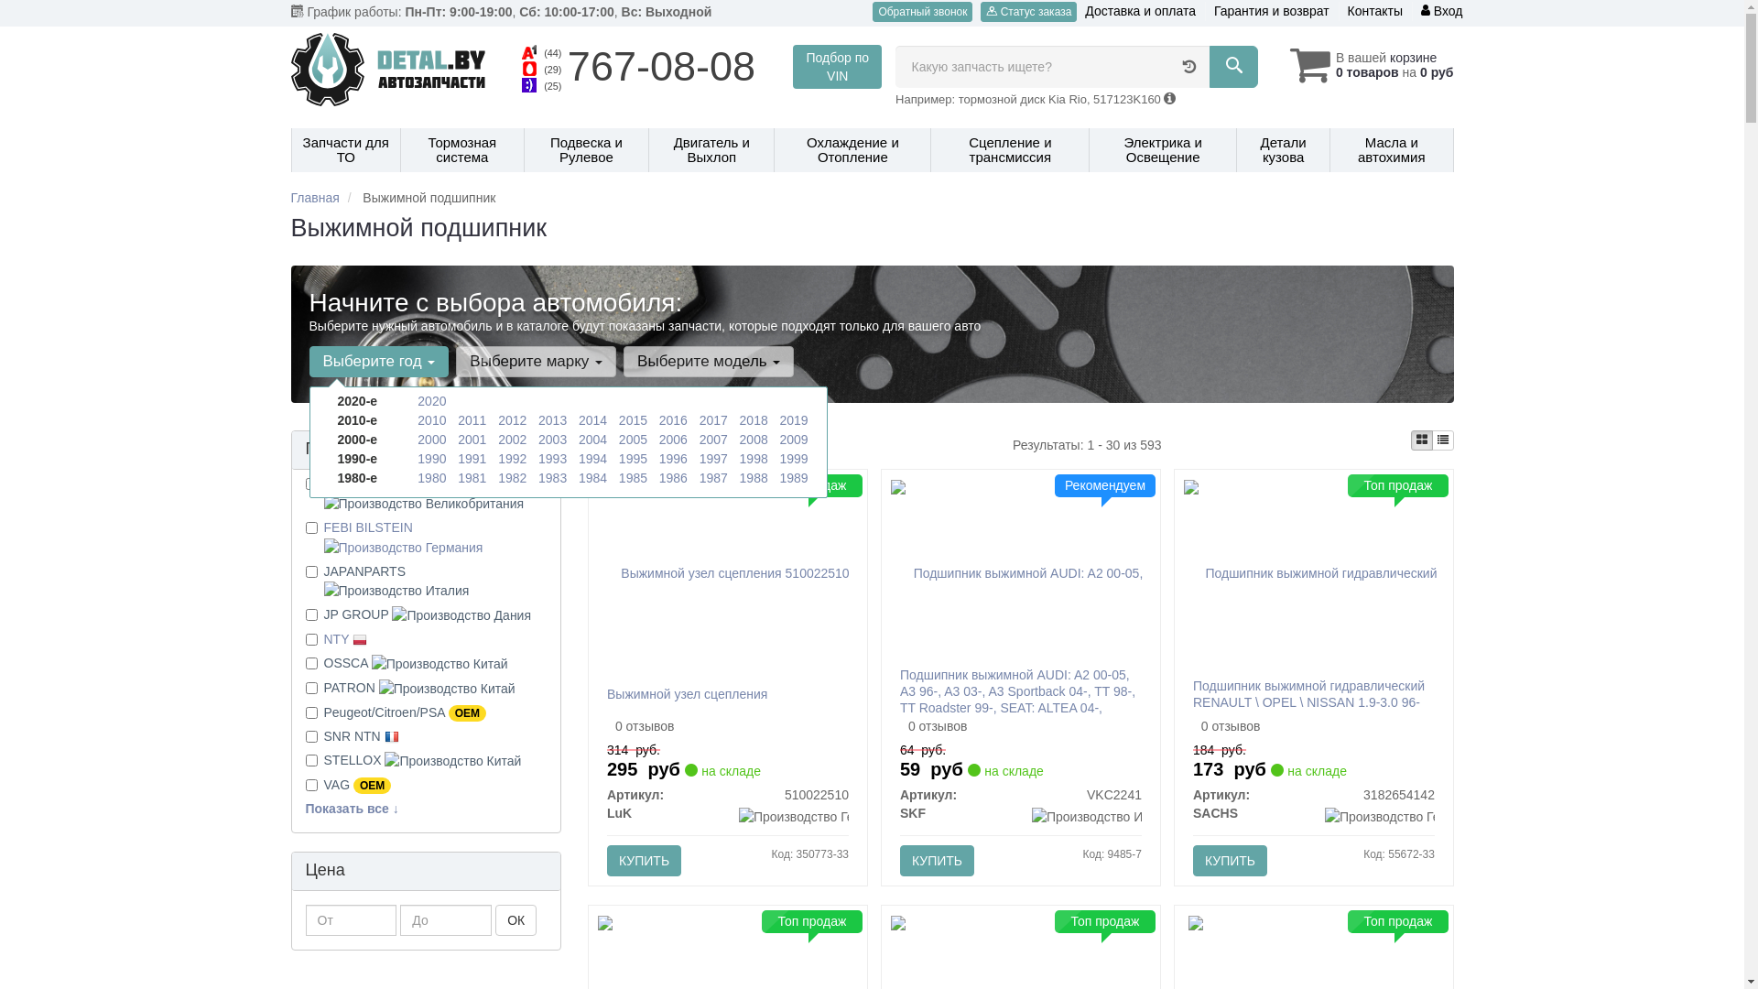 The width and height of the screenshot is (1758, 989). What do you see at coordinates (566, 65) in the screenshot?
I see `'767-08-08'` at bounding box center [566, 65].